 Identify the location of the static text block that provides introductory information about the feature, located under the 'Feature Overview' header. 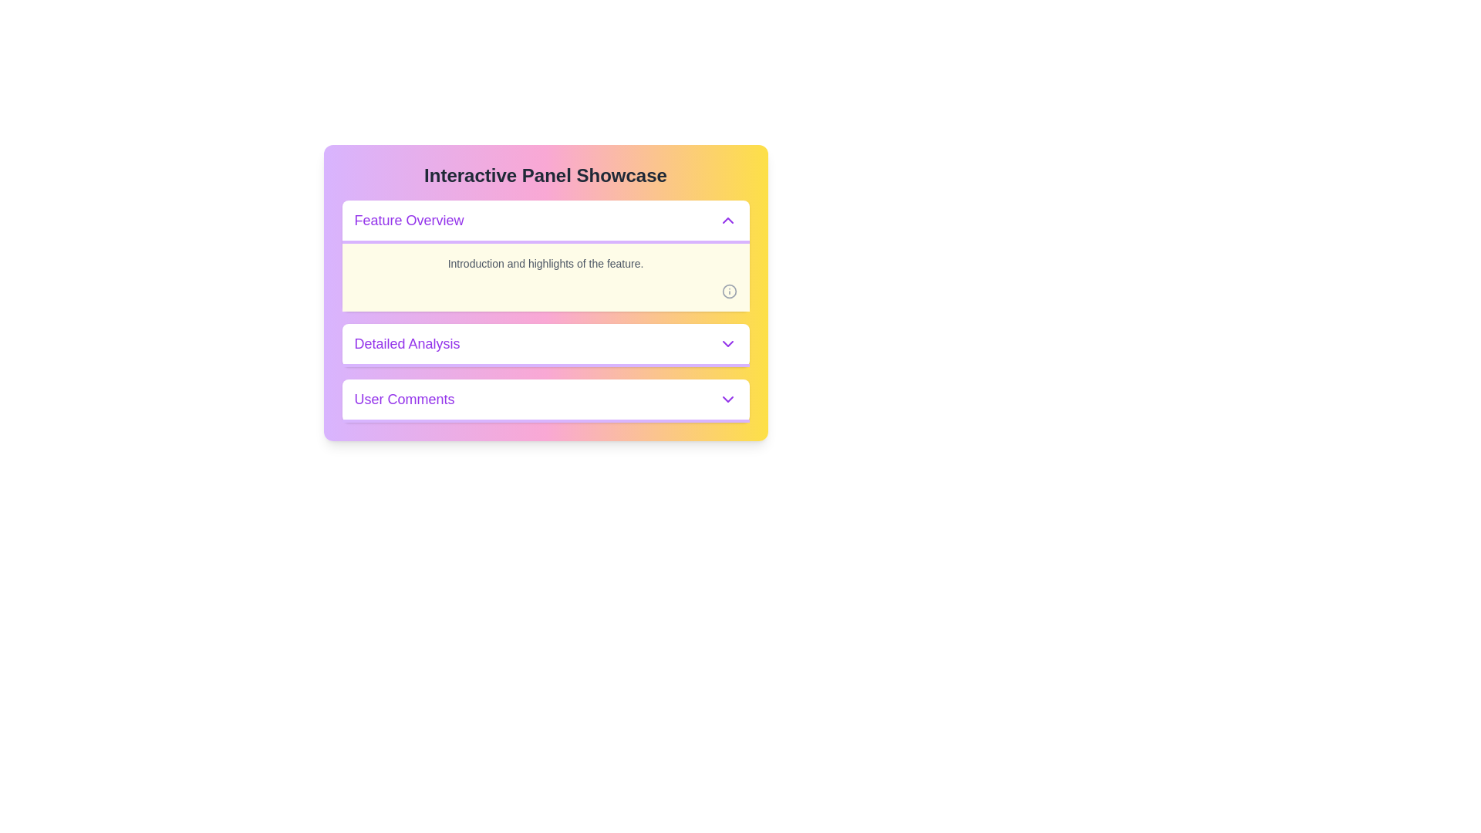
(545, 276).